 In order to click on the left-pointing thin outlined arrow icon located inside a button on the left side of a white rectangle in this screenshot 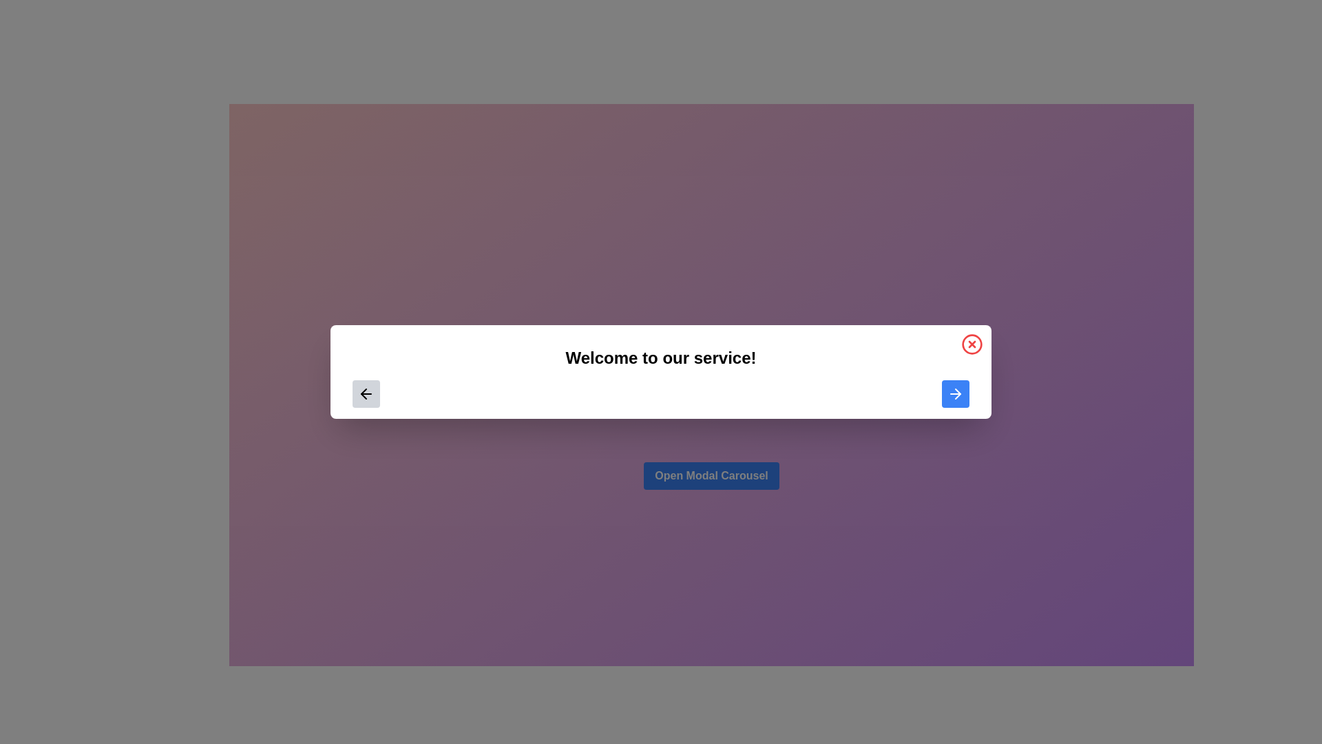, I will do `click(366, 393)`.